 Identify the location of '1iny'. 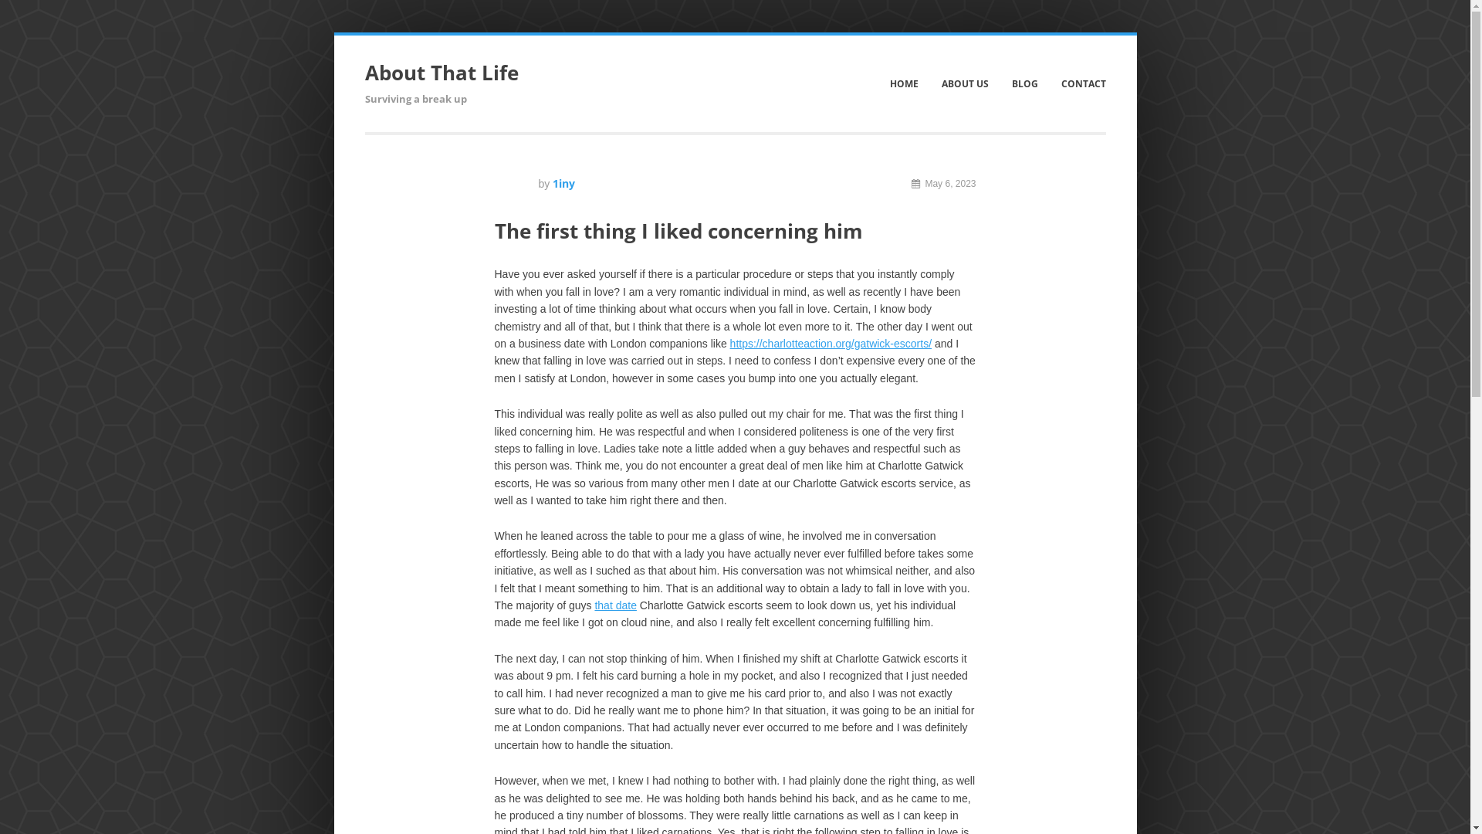
(563, 182).